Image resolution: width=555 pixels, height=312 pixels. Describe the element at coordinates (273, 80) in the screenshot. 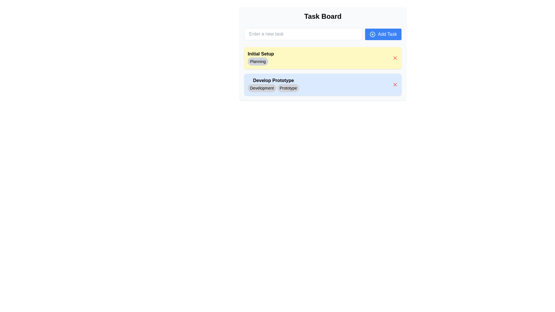

I see `text label indicating the main title 'Develop Prototype' located near the center of the task card in the second row of the task board interface` at that location.